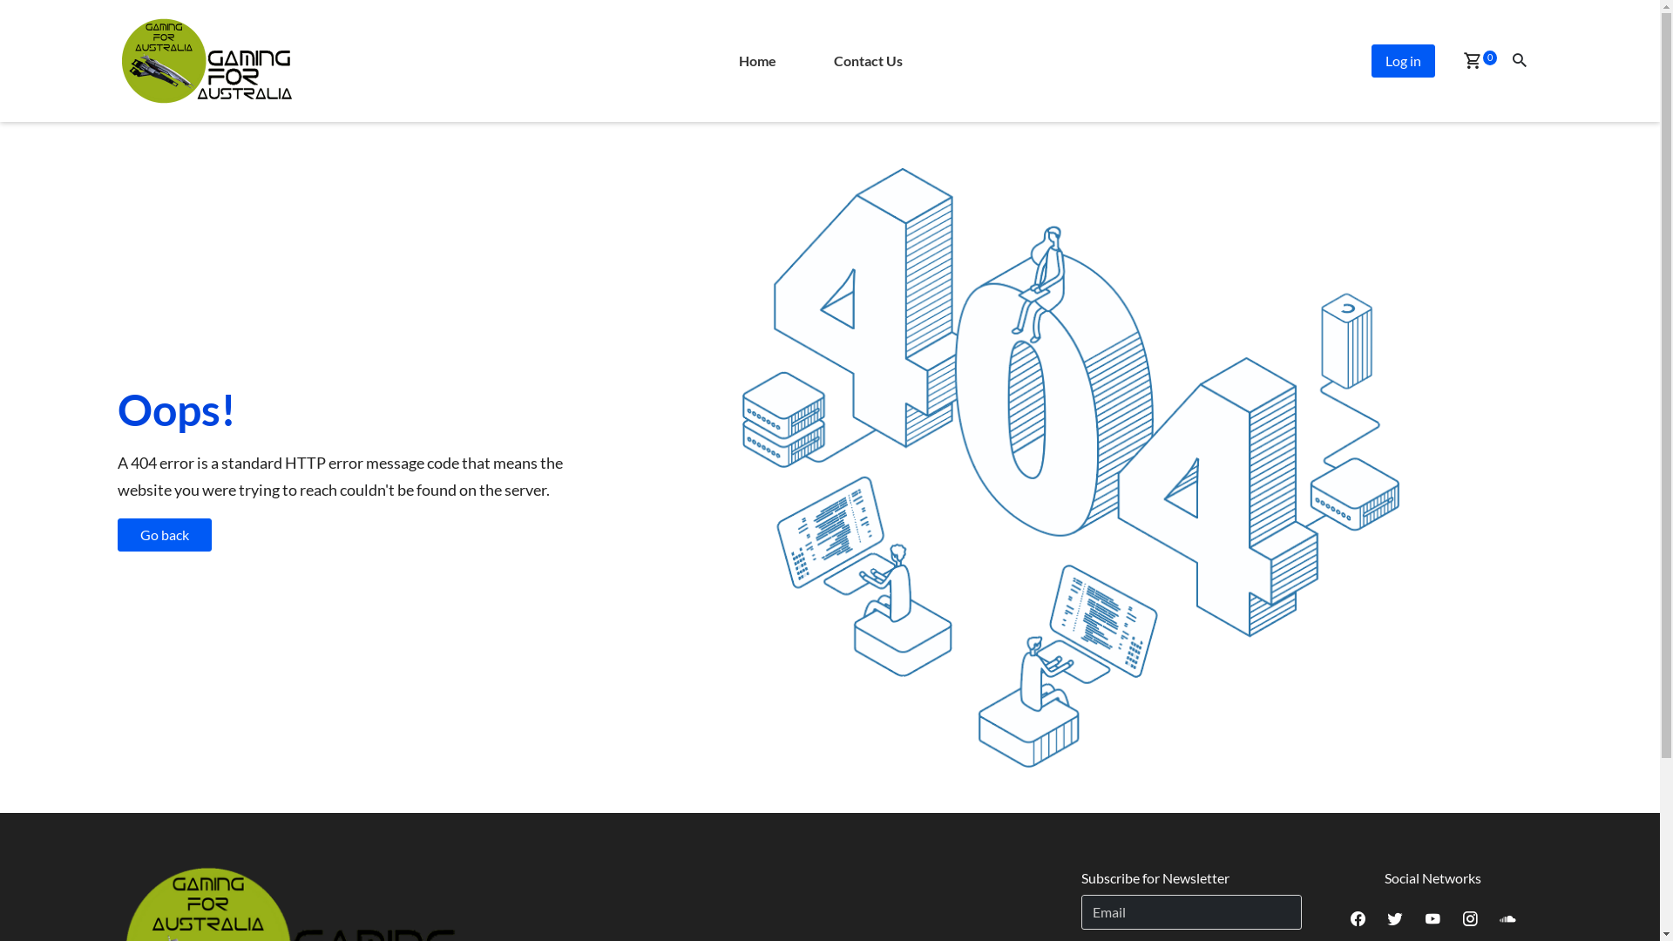  Describe the element at coordinates (1403, 59) in the screenshot. I see `'Log in'` at that location.